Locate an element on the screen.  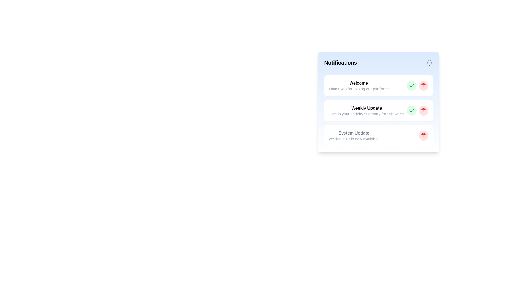
the trash icon button in the upper-right corner of the 'Welcome' notification card is located at coordinates (423, 85).